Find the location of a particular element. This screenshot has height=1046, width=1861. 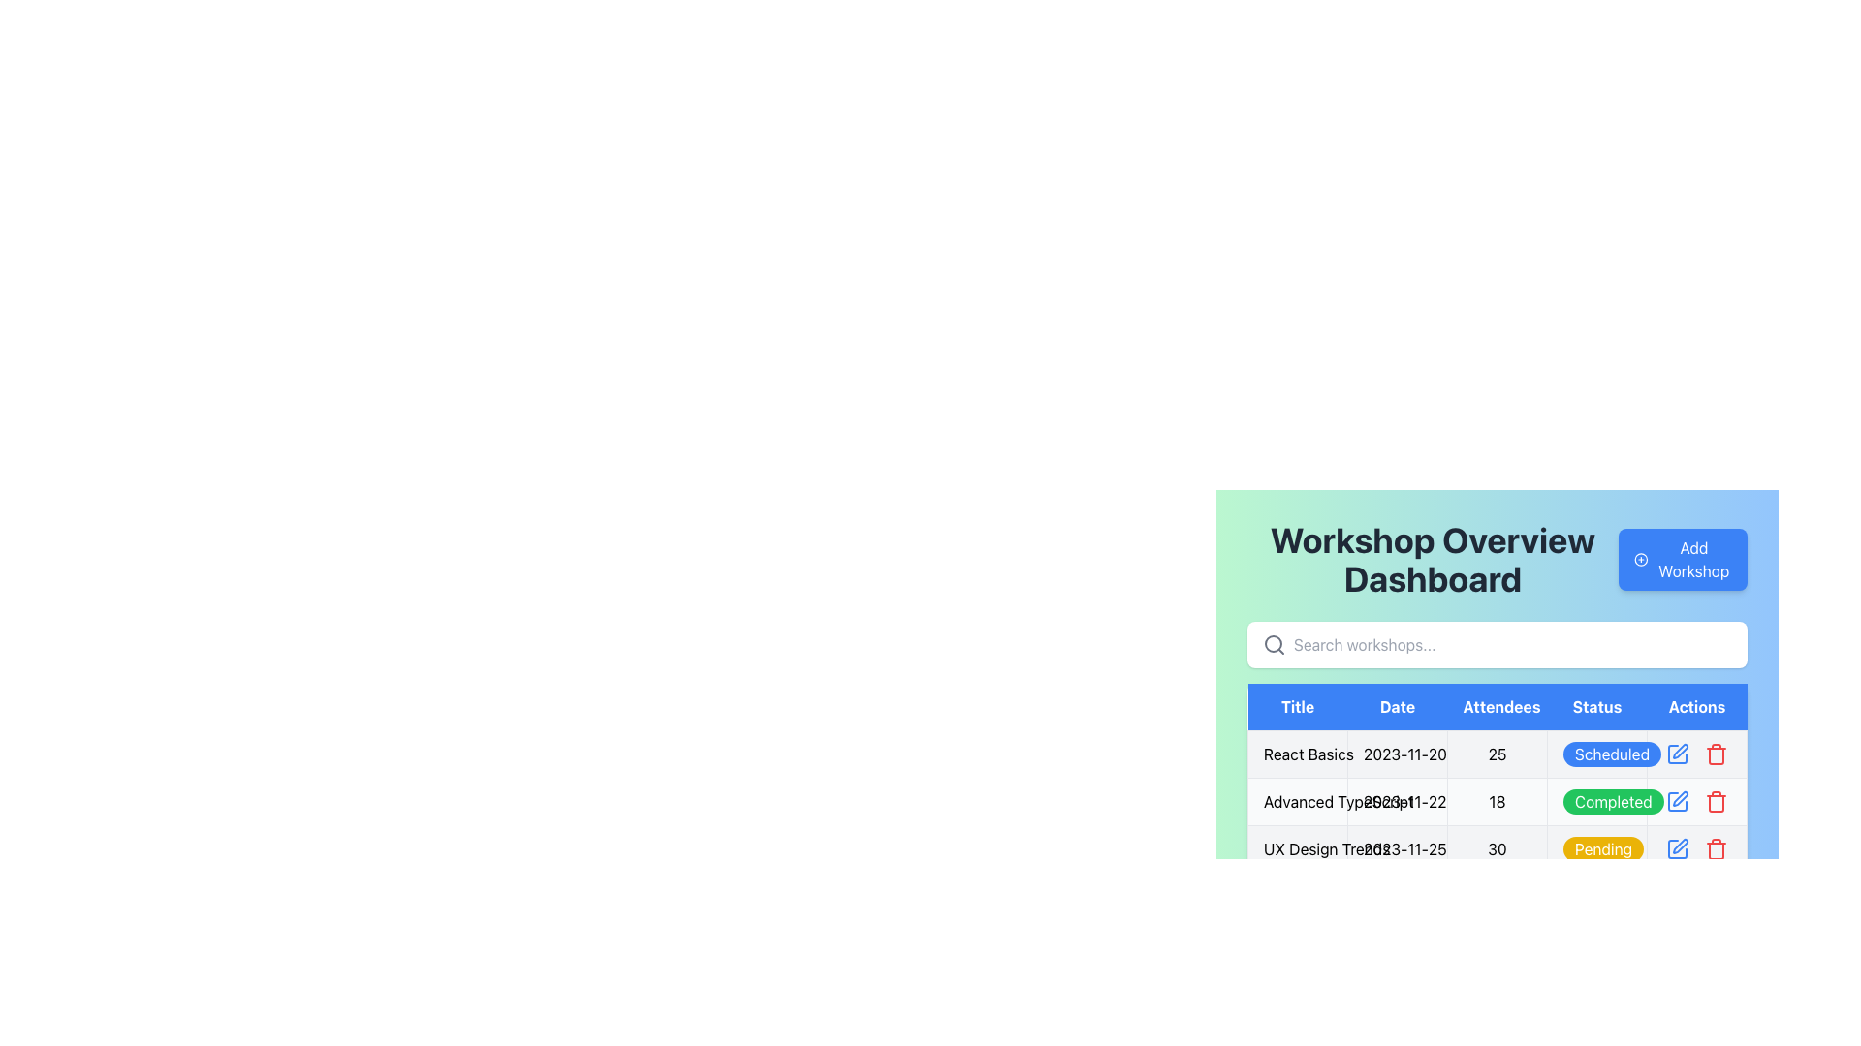

the 'Add Workshop' button, which is a rectangular blue button with white text and a plus sign icon, located in the top-right corner of the 'Workshop Overview Dashboard' is located at coordinates (1682, 560).